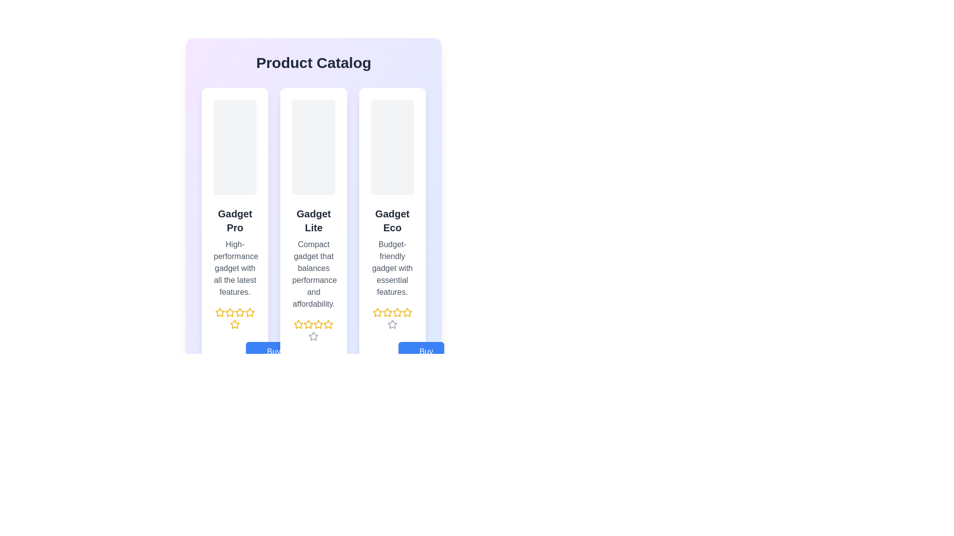 The image size is (954, 536). Describe the element at coordinates (313, 330) in the screenshot. I see `the Rating indicator with star icons for the 'Gadget Lite' product located in the middle column, below the description and above the price and 'Buy Now' button` at that location.